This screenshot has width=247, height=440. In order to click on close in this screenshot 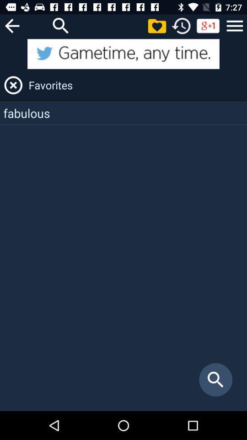, I will do `click(13, 85)`.